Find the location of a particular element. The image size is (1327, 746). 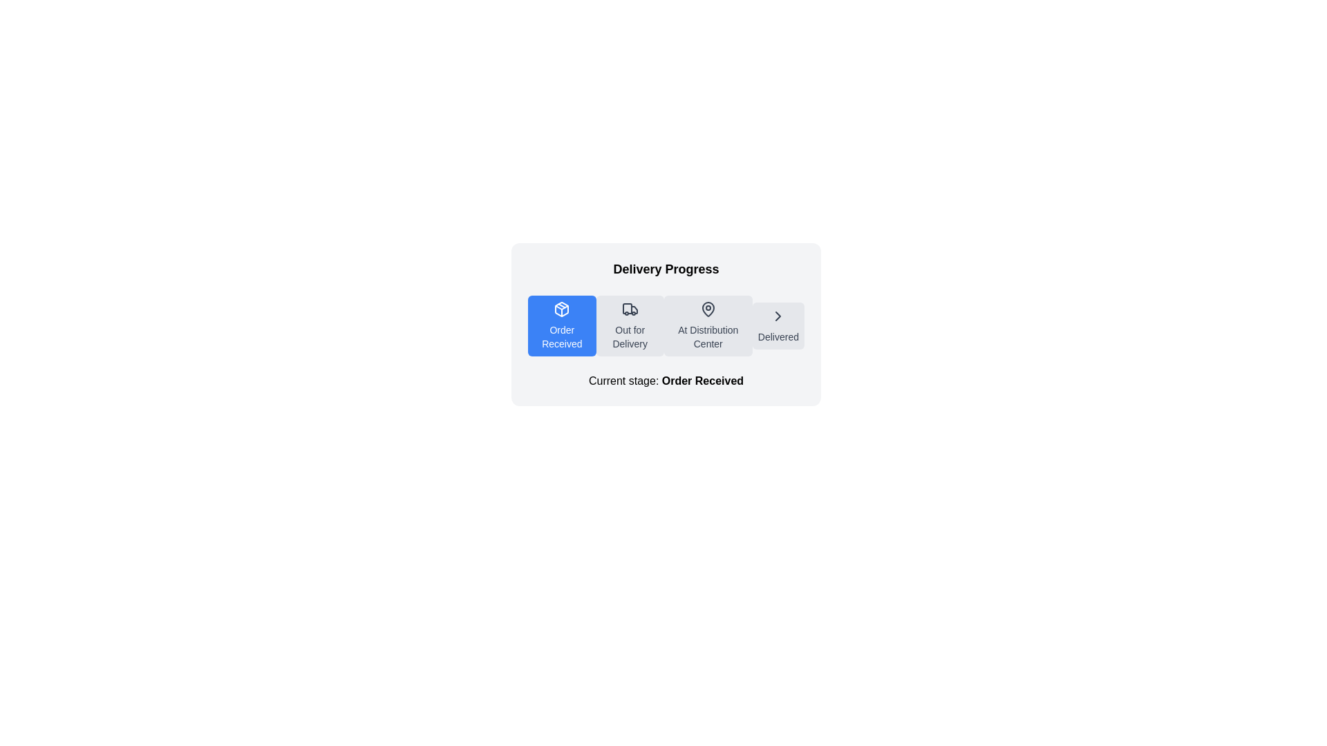

the 'At Distribution Center' vector graphic icon in the delivery progress bar, which serves as a visual representation of the current delivery stage is located at coordinates (708, 308).